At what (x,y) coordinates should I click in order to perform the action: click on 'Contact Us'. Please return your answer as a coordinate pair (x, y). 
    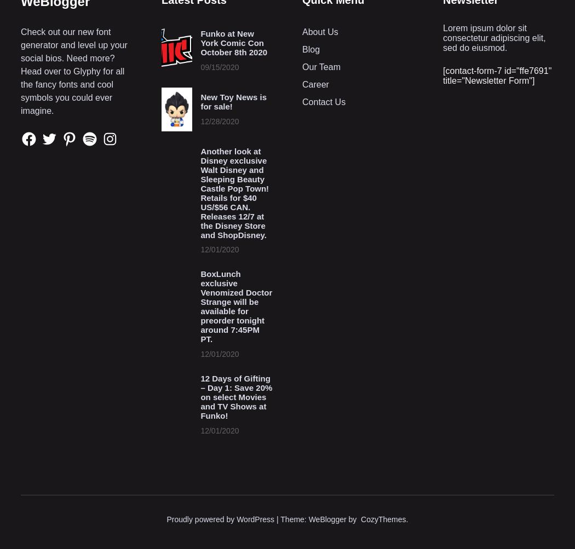
    Looking at the image, I should click on (323, 101).